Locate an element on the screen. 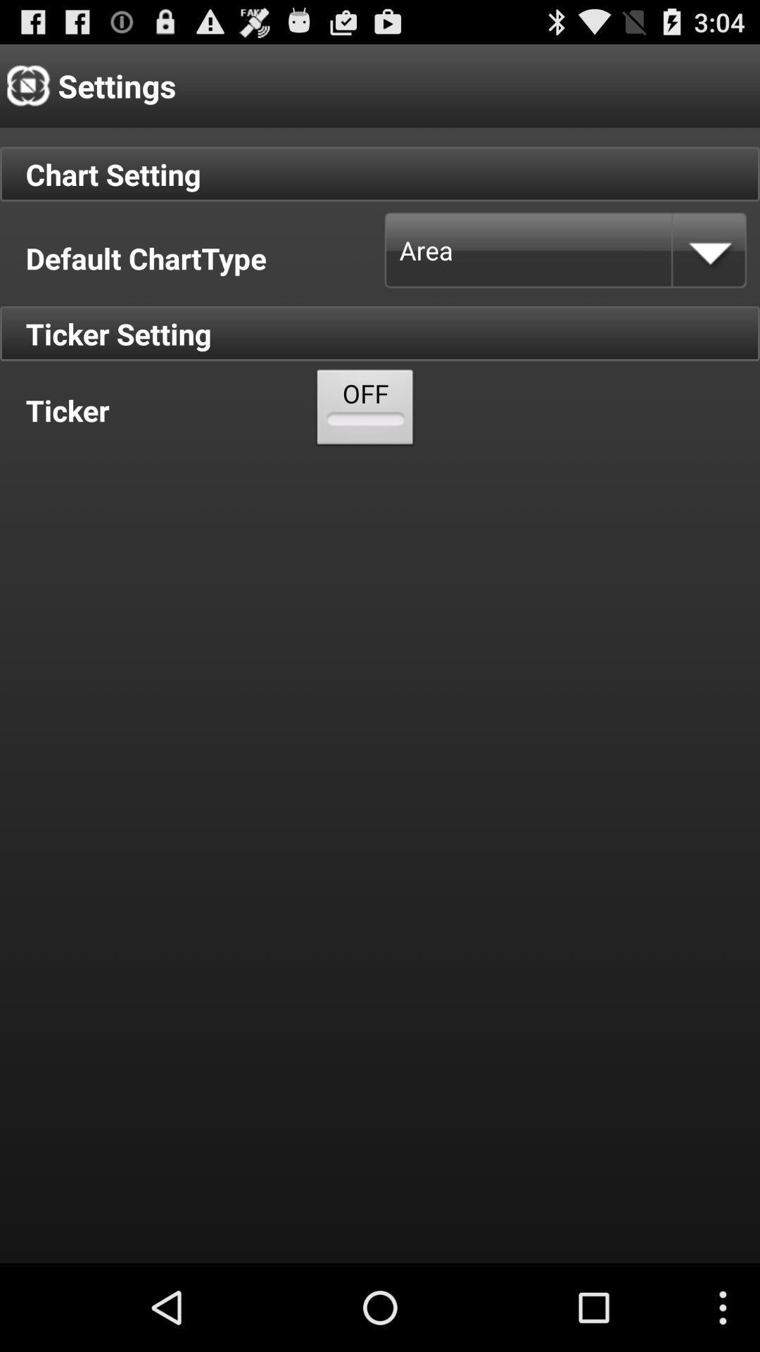  app to the right of the ticker is located at coordinates (365, 410).